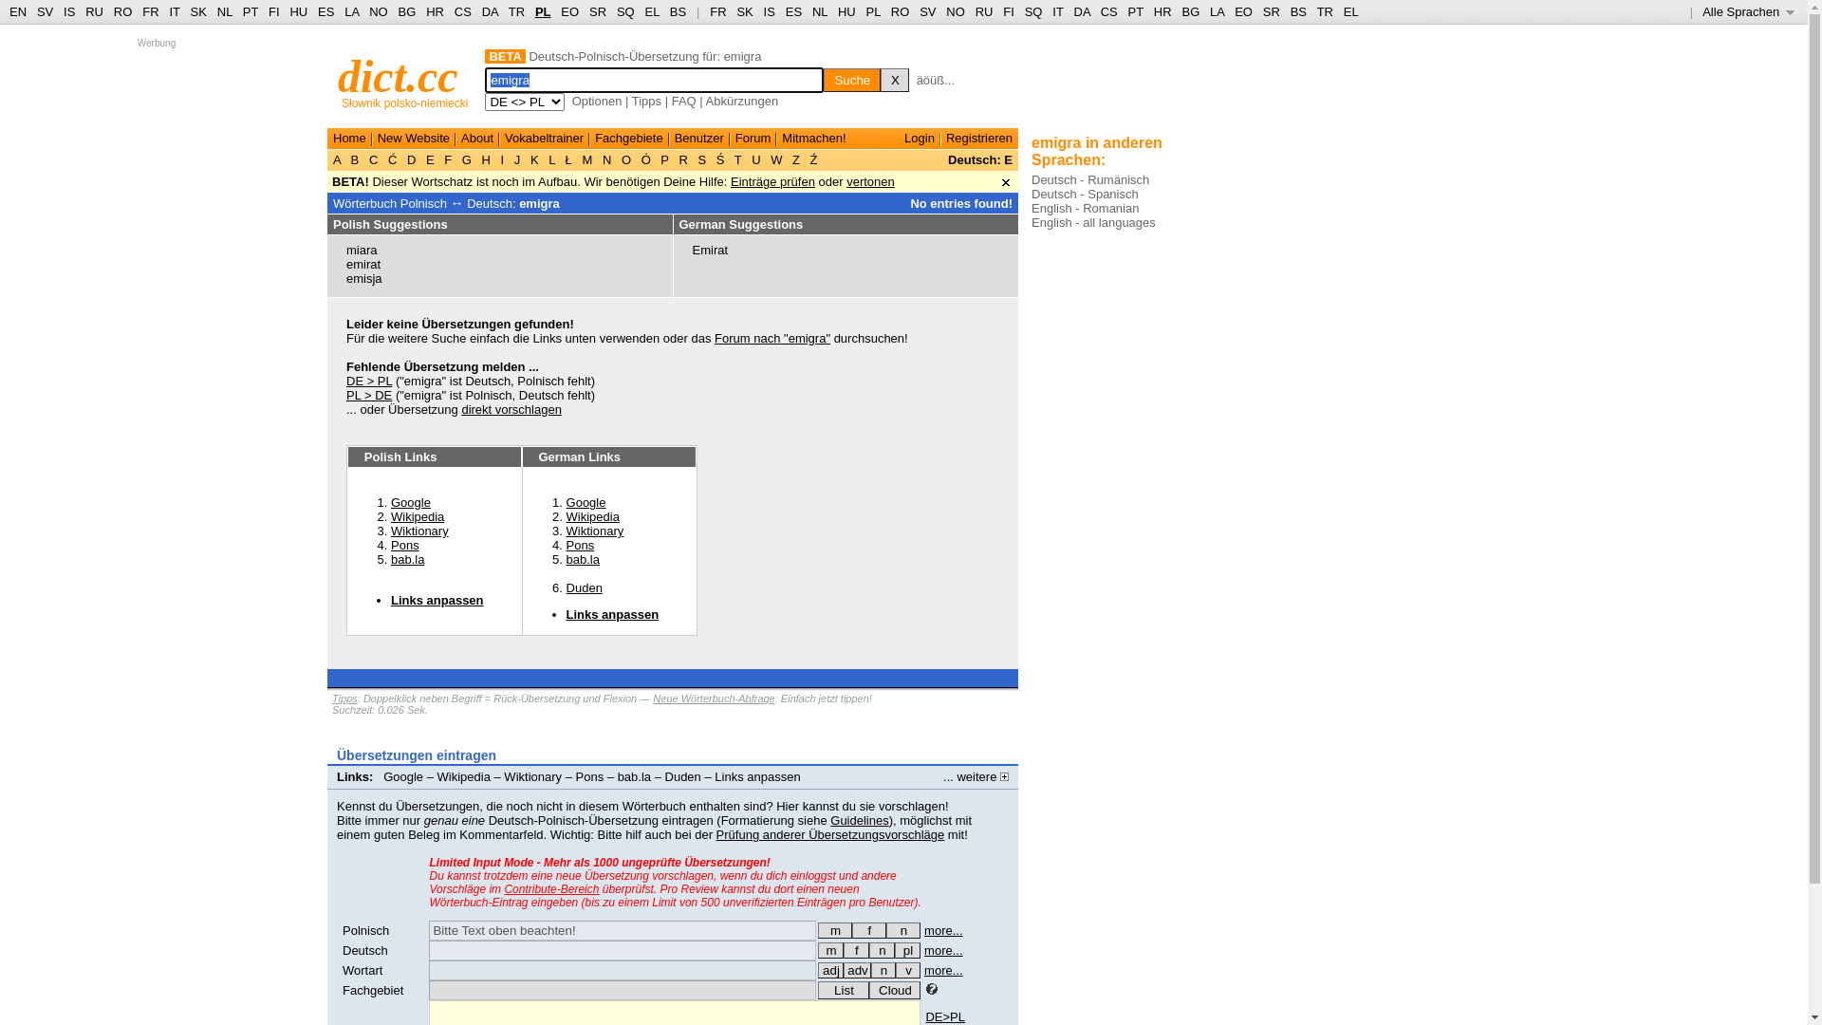 The width and height of the screenshot is (1822, 1025). I want to click on 'emirat', so click(345, 264).